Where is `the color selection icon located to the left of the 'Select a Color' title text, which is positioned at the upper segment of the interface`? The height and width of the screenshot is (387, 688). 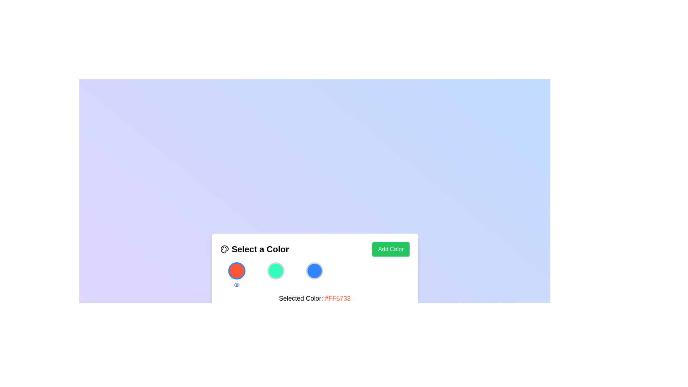 the color selection icon located to the left of the 'Select a Color' title text, which is positioned at the upper segment of the interface is located at coordinates (224, 249).